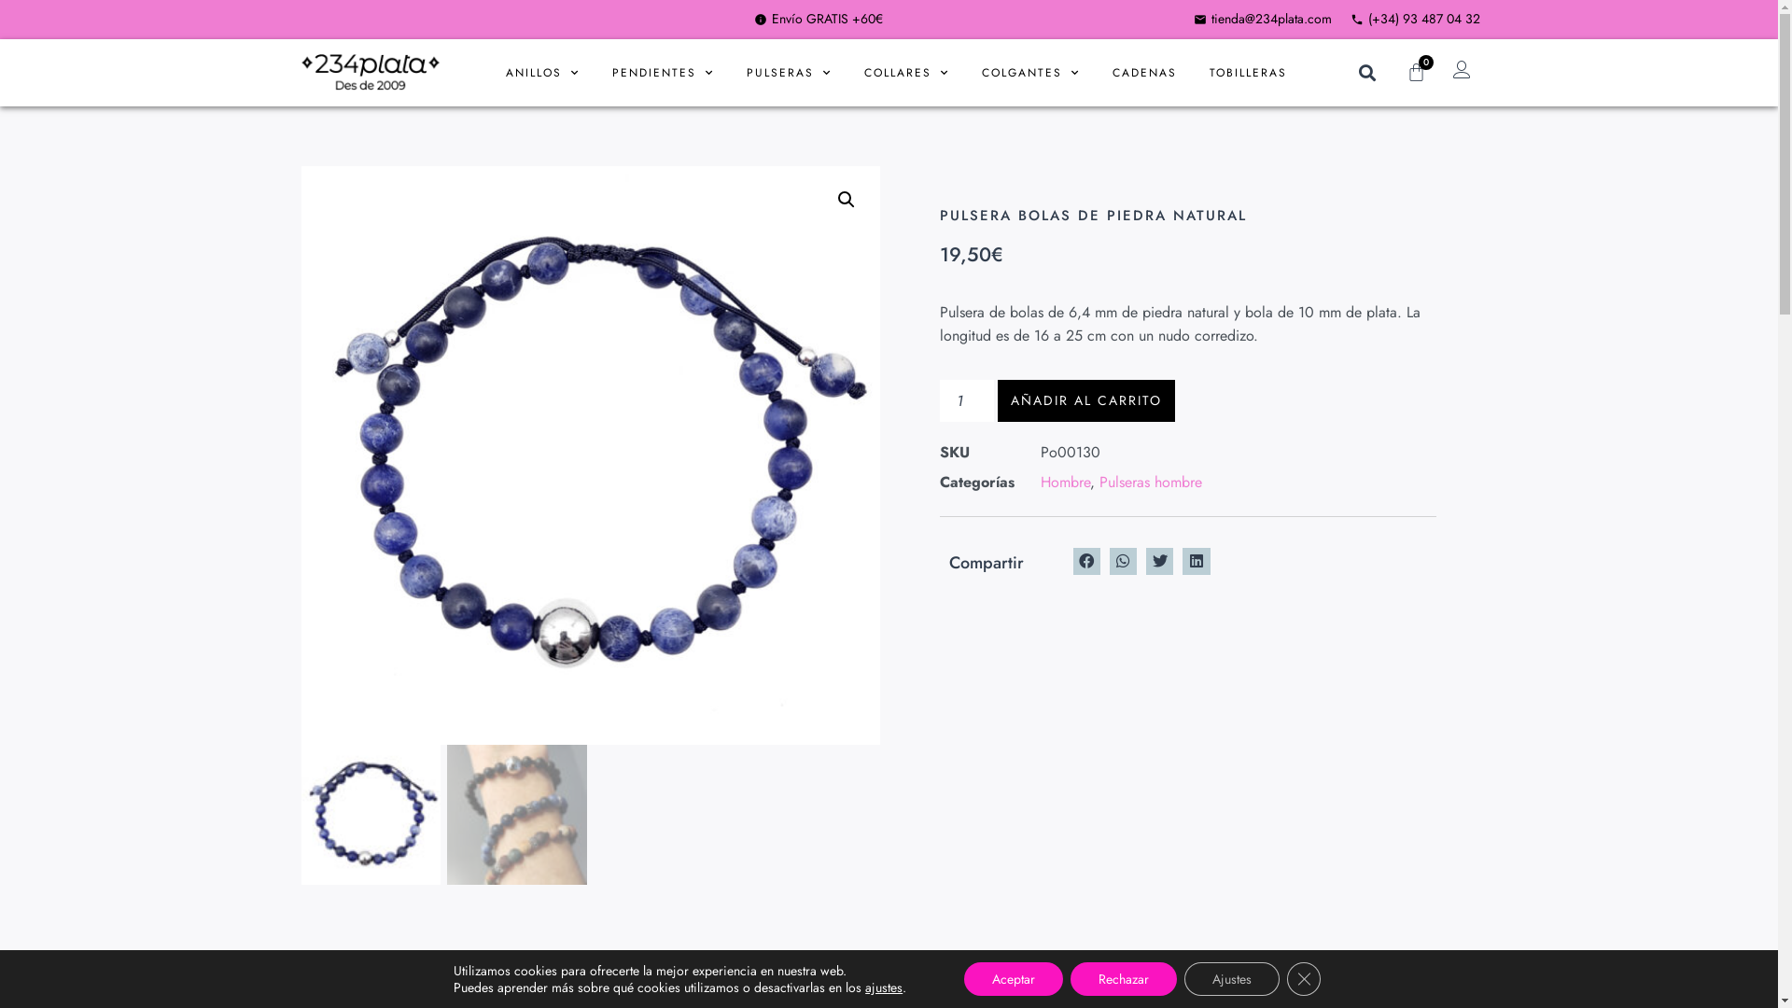 This screenshot has height=1008, width=1792. What do you see at coordinates (906, 71) in the screenshot?
I see `'COLLARES'` at bounding box center [906, 71].